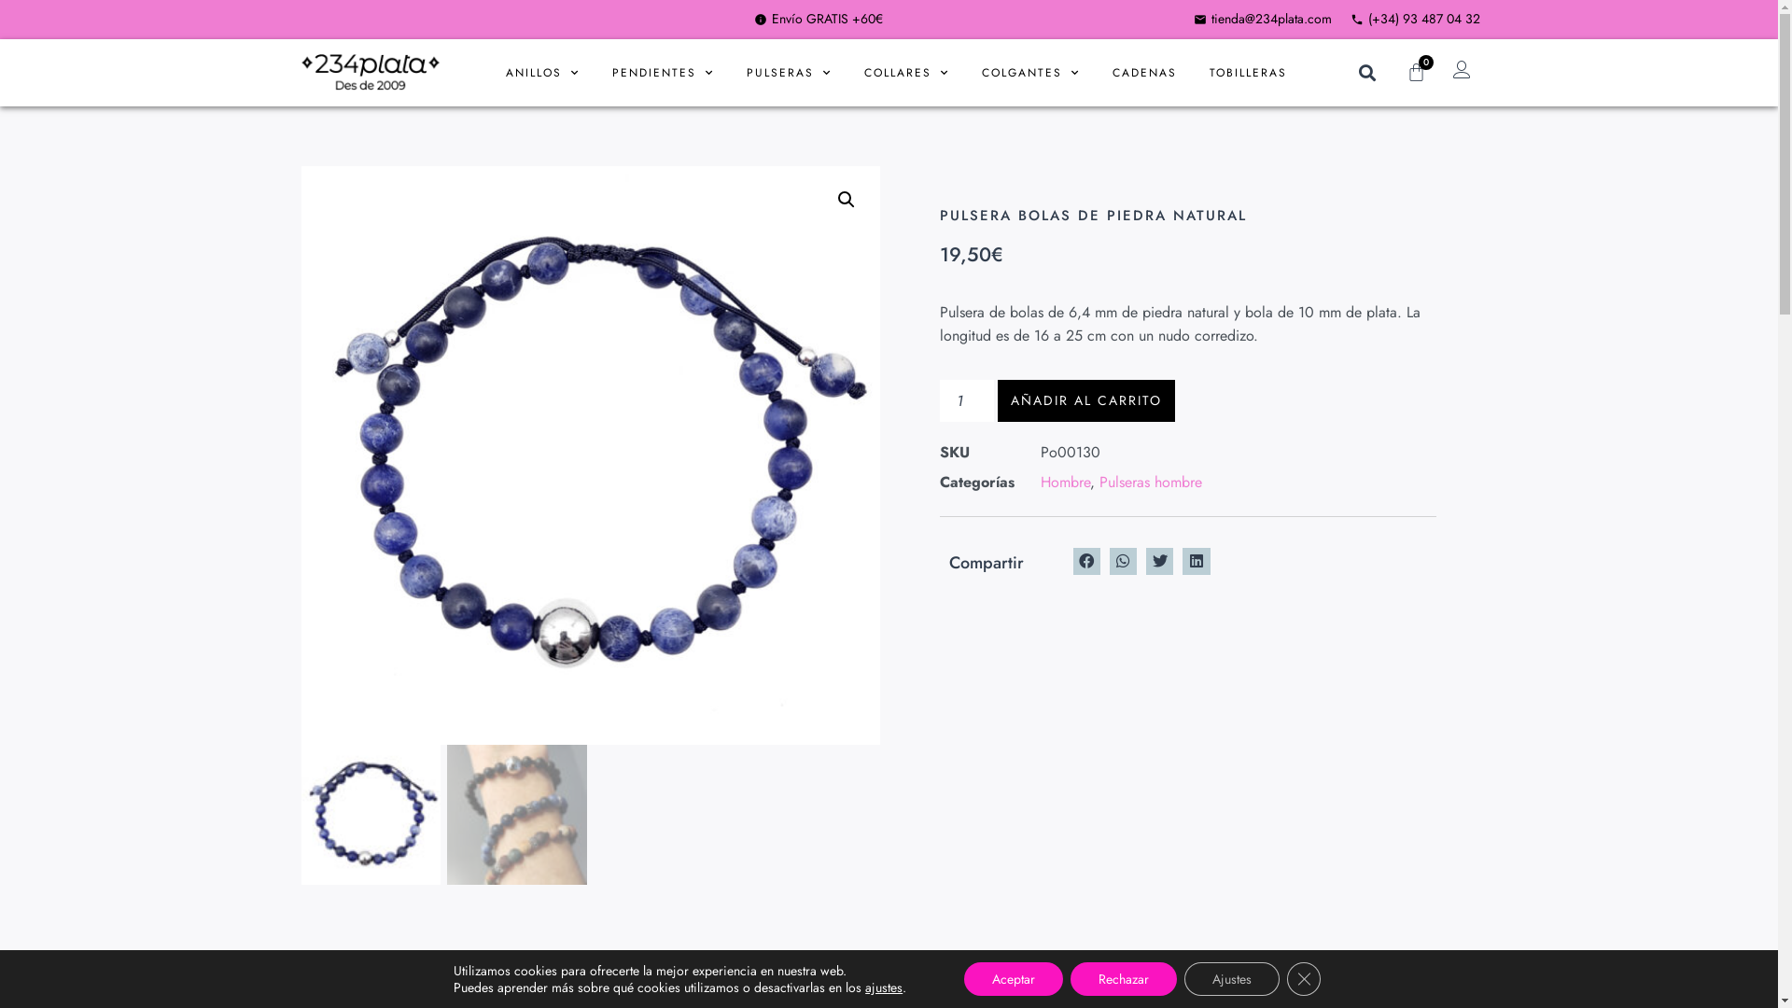 This screenshot has height=1008, width=1792. What do you see at coordinates (906, 71) in the screenshot?
I see `'COLLARES'` at bounding box center [906, 71].